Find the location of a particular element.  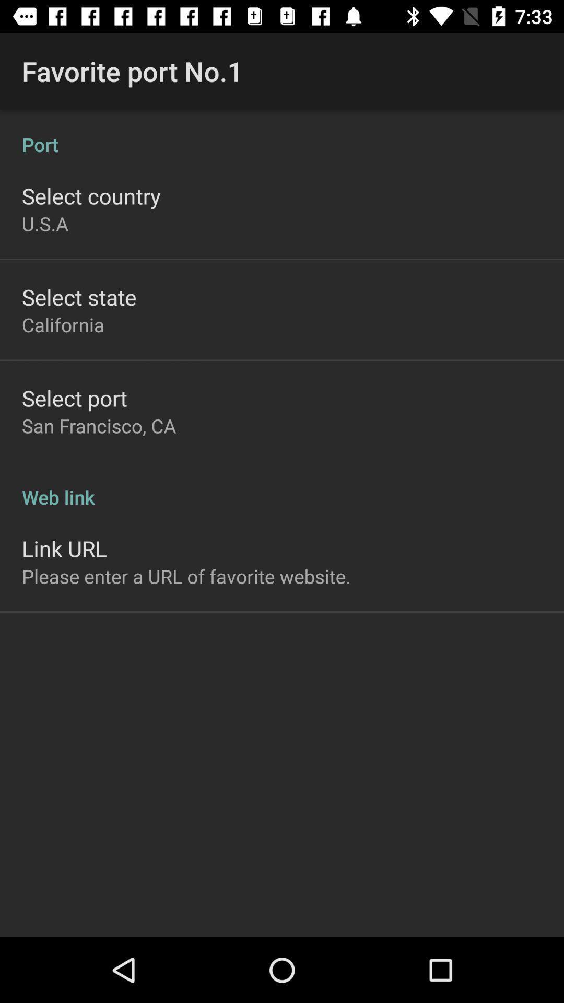

please enter a app is located at coordinates (186, 576).